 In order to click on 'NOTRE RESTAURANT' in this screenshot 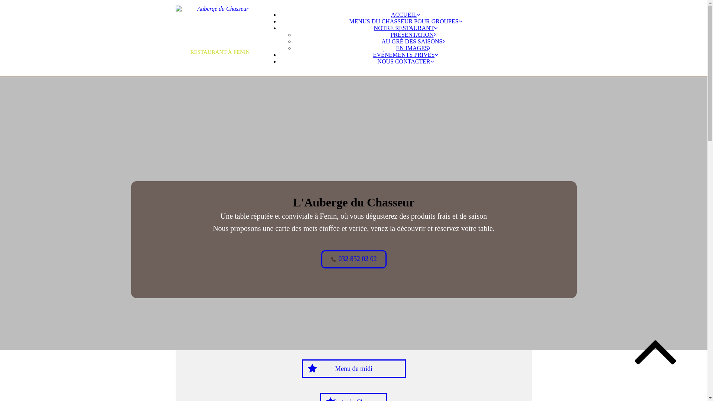, I will do `click(406, 27)`.